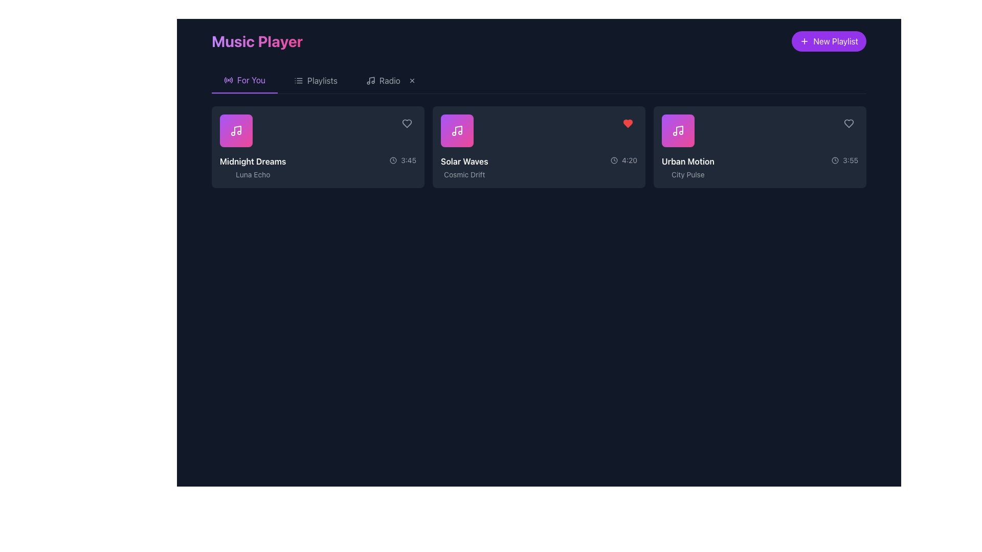  What do you see at coordinates (315, 80) in the screenshot?
I see `the 'Playlists' navigation tab, which is a horizontally aligned text label with a list icon, located centrally in the navigation menu at the top of the interface` at bounding box center [315, 80].